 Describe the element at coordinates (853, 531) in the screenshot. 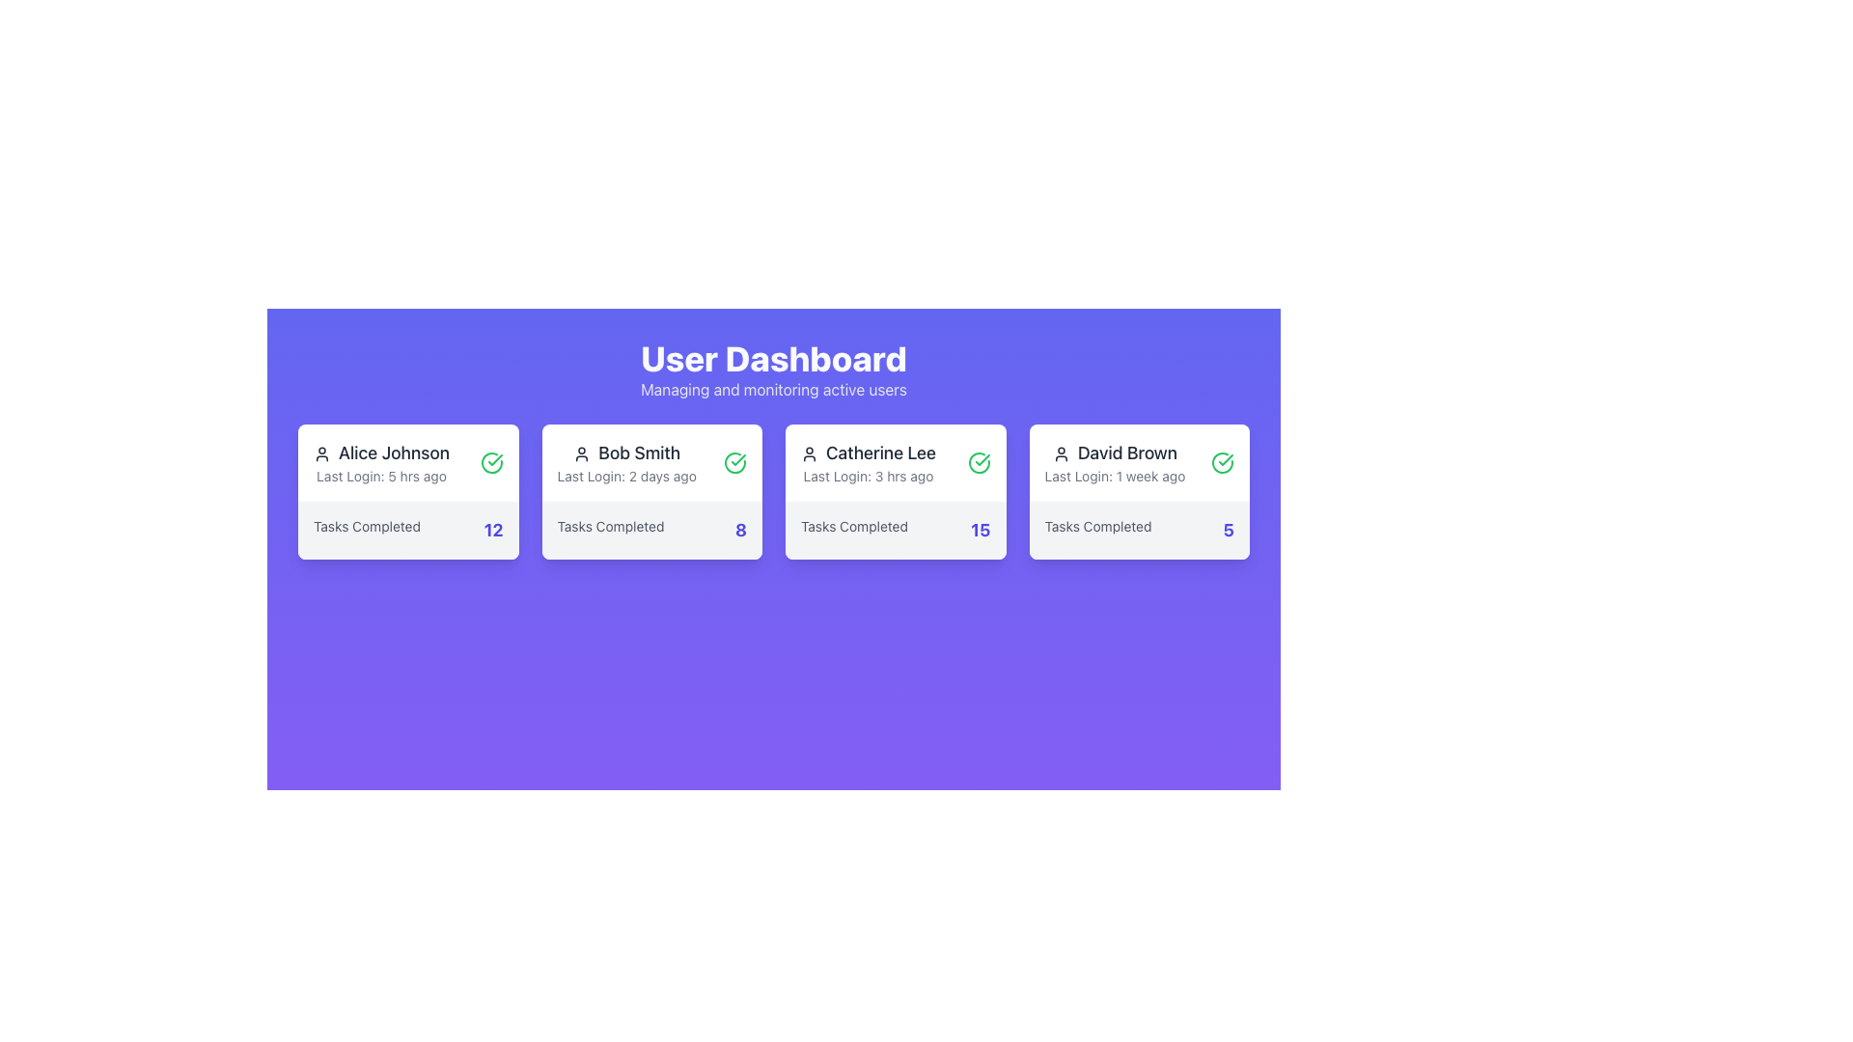

I see `the text label that says 'Tasks Completed' located at the bottom-left area of the card representing 'Catherine Lee' in the User Dashboard` at that location.